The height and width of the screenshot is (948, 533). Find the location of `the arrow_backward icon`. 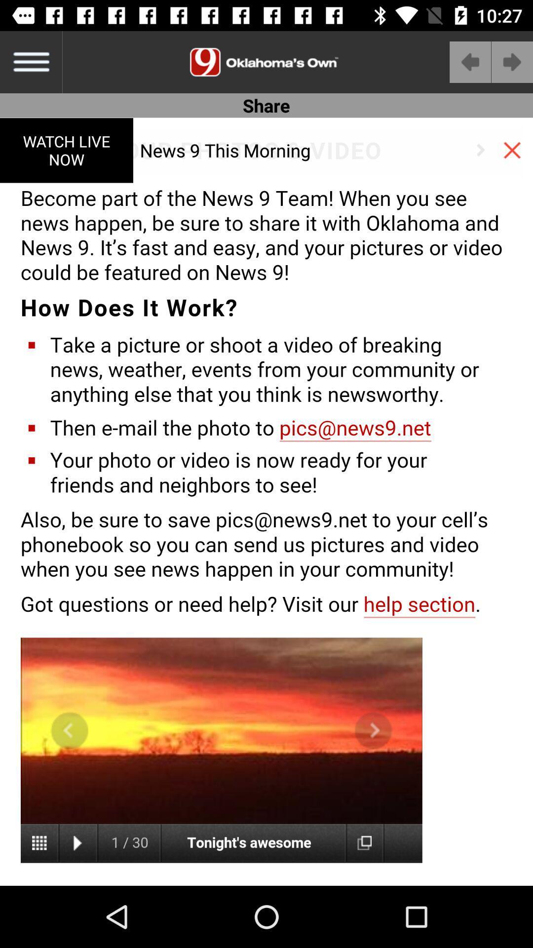

the arrow_backward icon is located at coordinates (470, 61).